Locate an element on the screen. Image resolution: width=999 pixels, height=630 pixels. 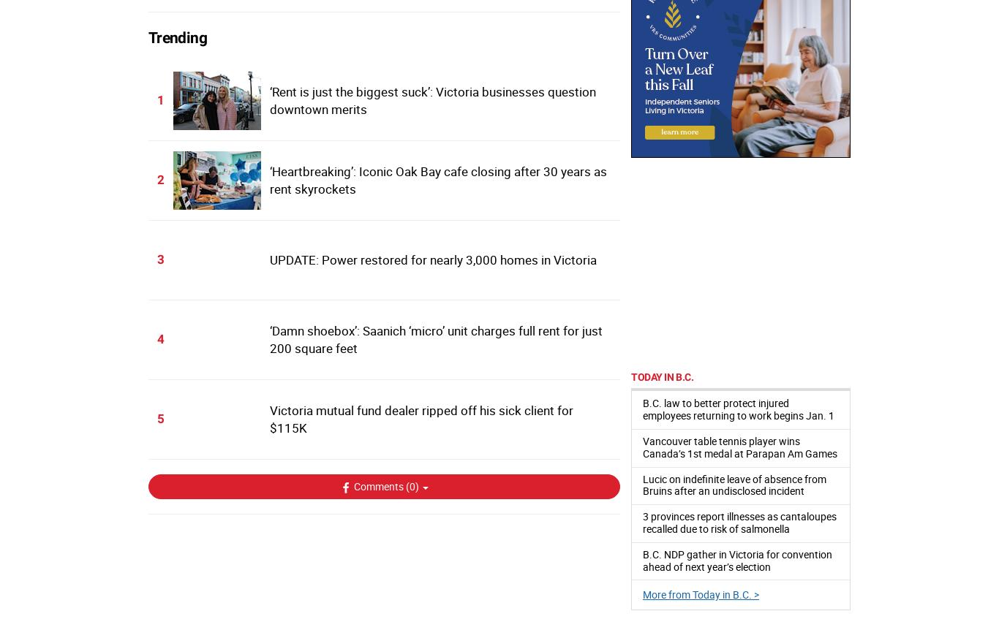
'Comments (' is located at coordinates (380, 485).